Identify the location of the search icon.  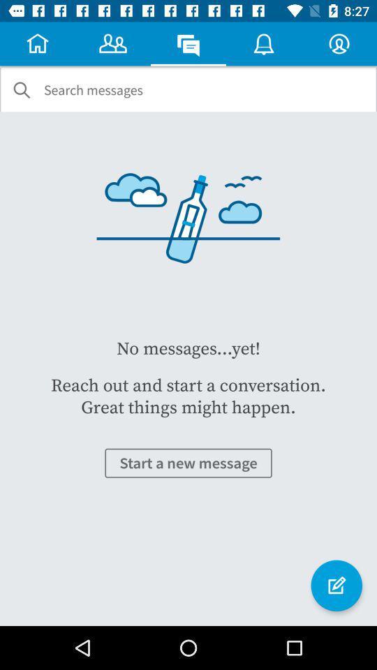
(21, 89).